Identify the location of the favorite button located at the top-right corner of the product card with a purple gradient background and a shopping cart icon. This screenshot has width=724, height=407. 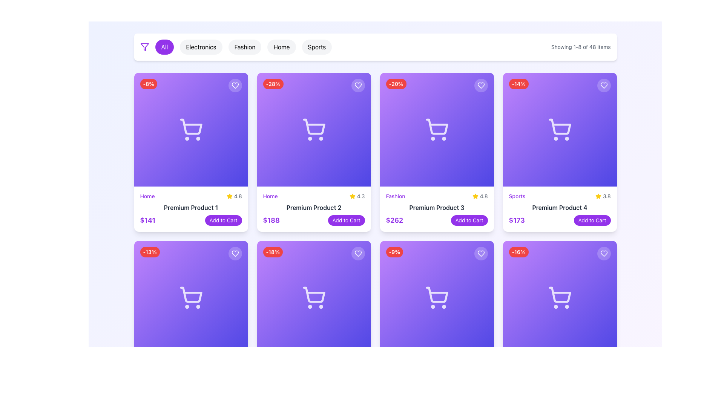
(235, 253).